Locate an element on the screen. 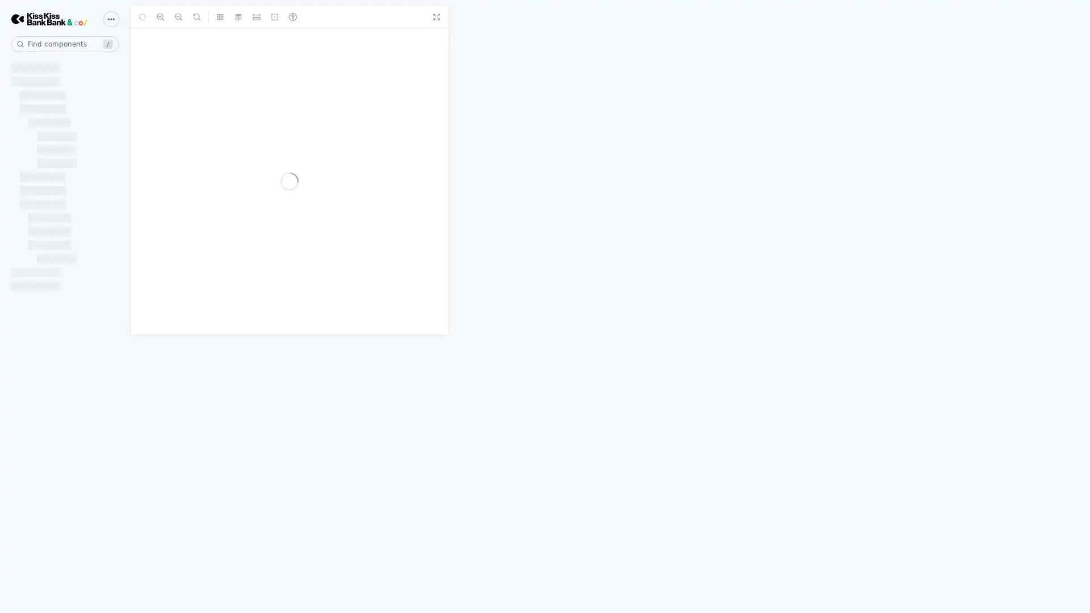 This screenshot has height=613, width=1090. expand is located at coordinates (114, 137).